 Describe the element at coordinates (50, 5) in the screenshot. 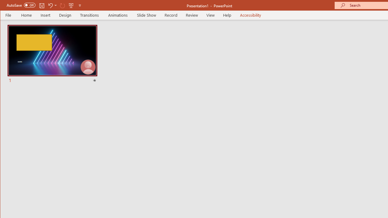

I see `'Undo'` at that location.